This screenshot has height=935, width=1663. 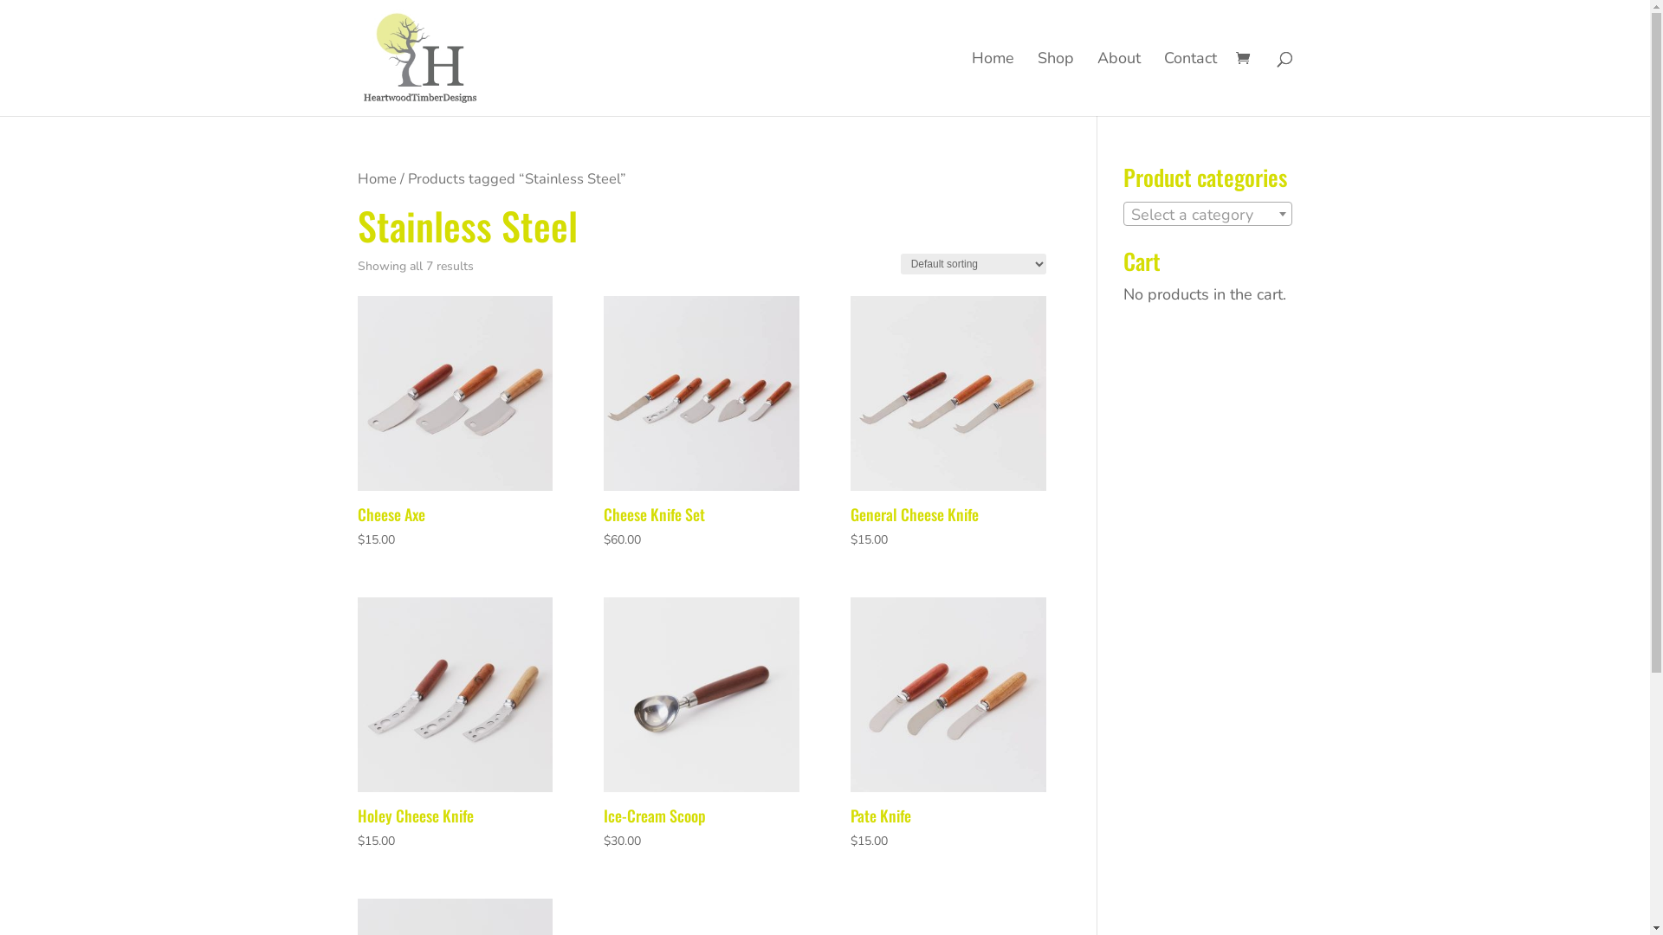 I want to click on 'Cheese Axe, so click(x=454, y=423).